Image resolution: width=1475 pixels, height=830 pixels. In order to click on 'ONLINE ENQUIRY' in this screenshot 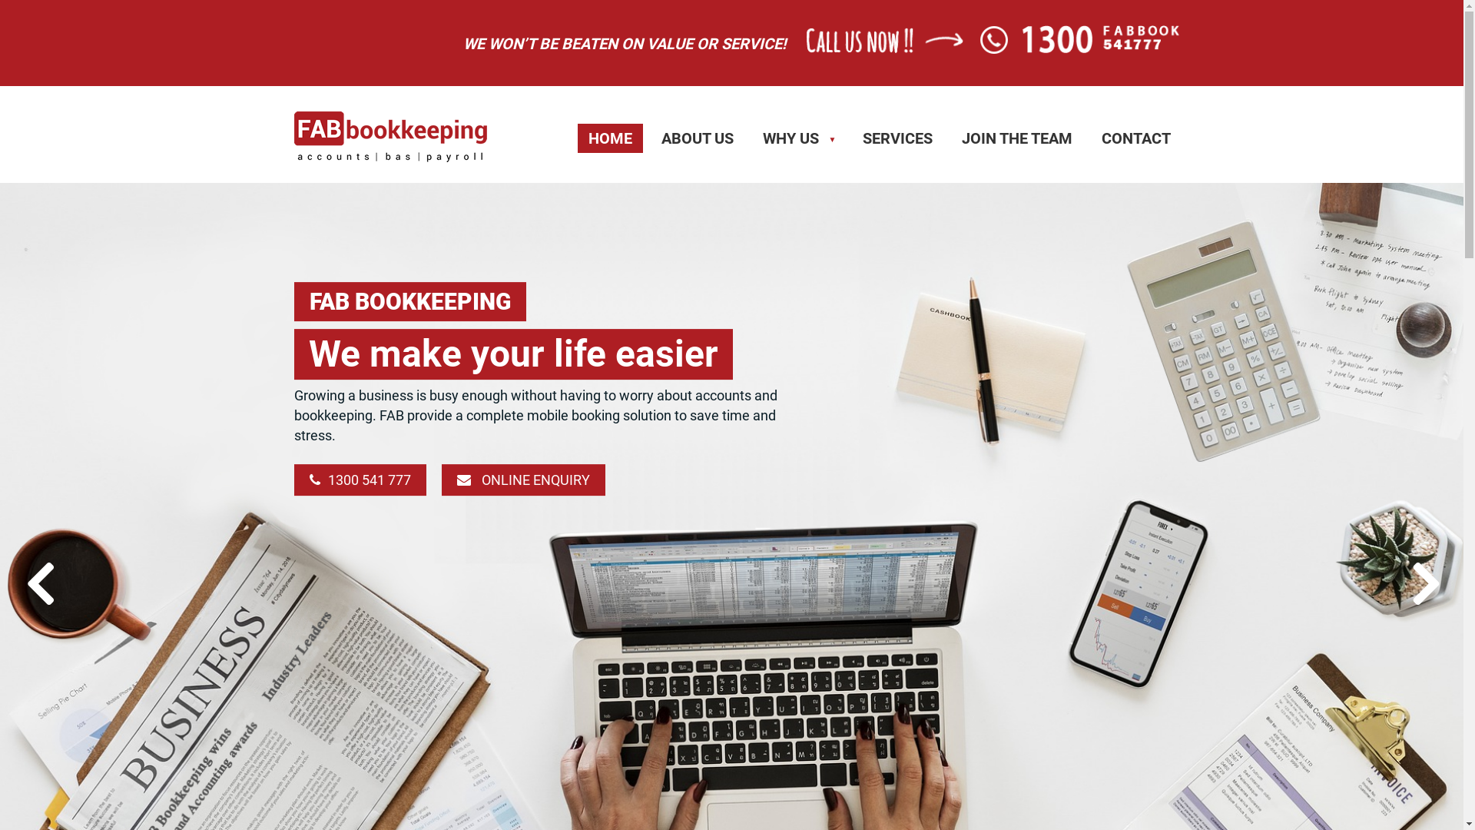, I will do `click(440, 480)`.